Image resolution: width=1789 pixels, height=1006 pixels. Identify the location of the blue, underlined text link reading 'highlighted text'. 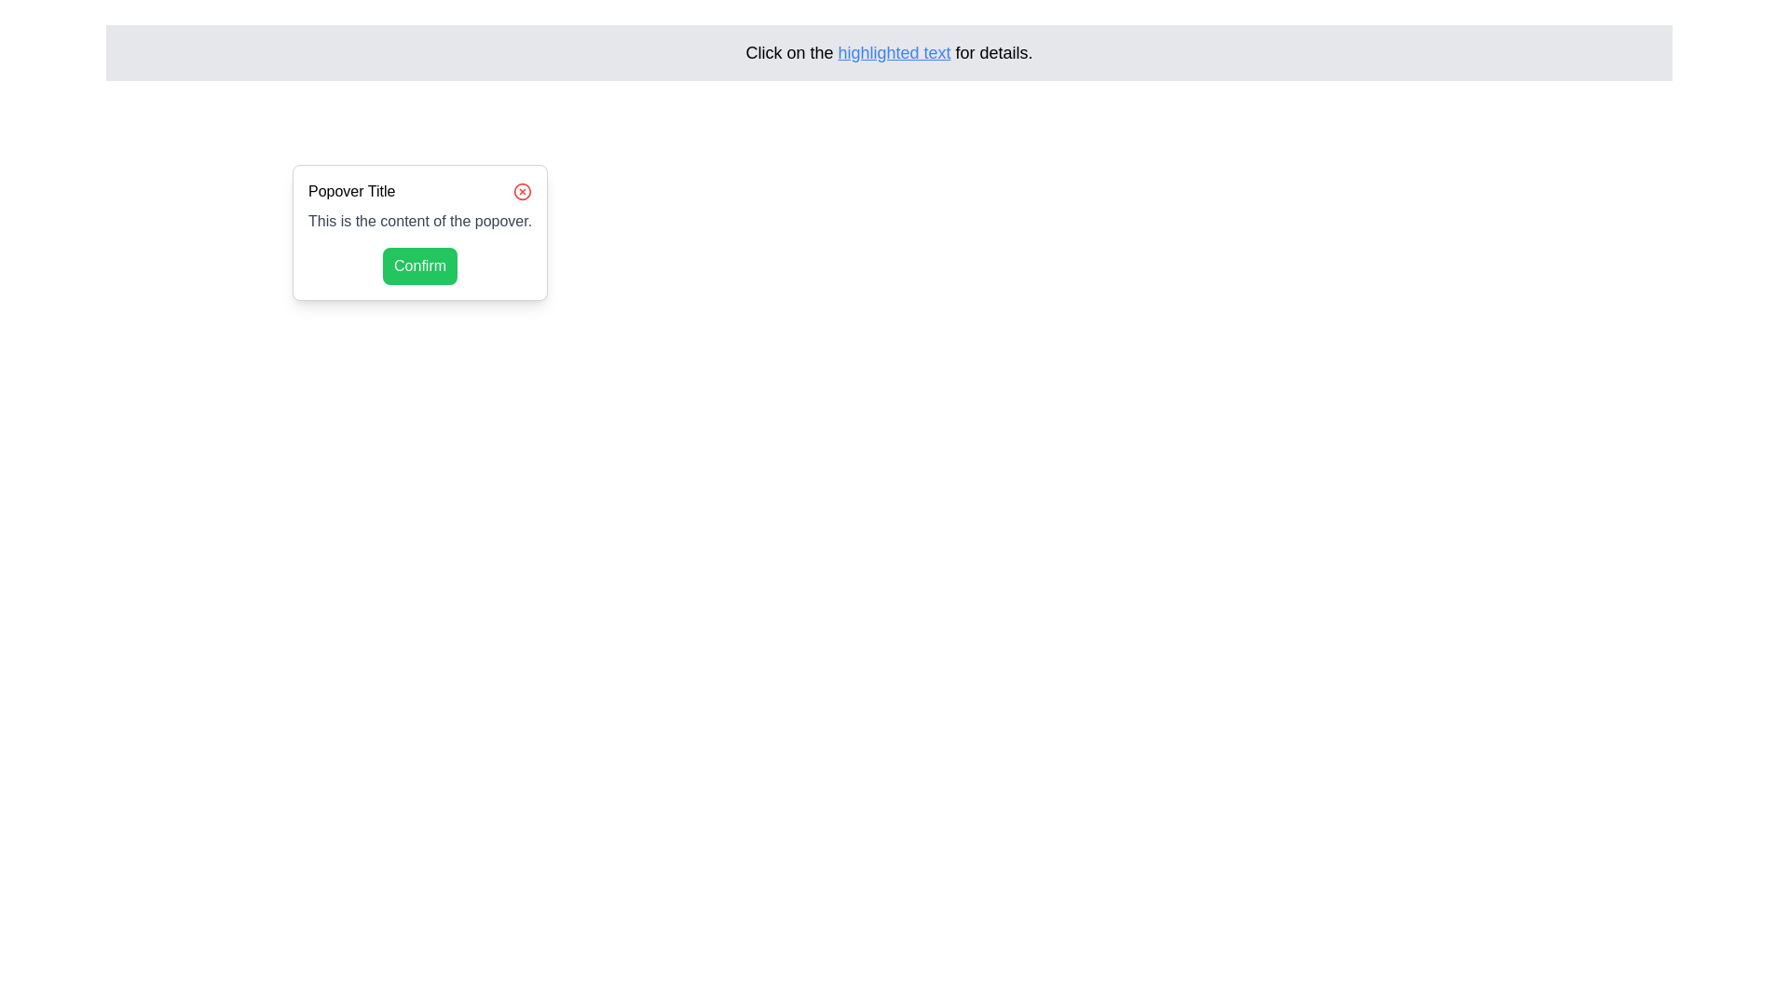
(894, 52).